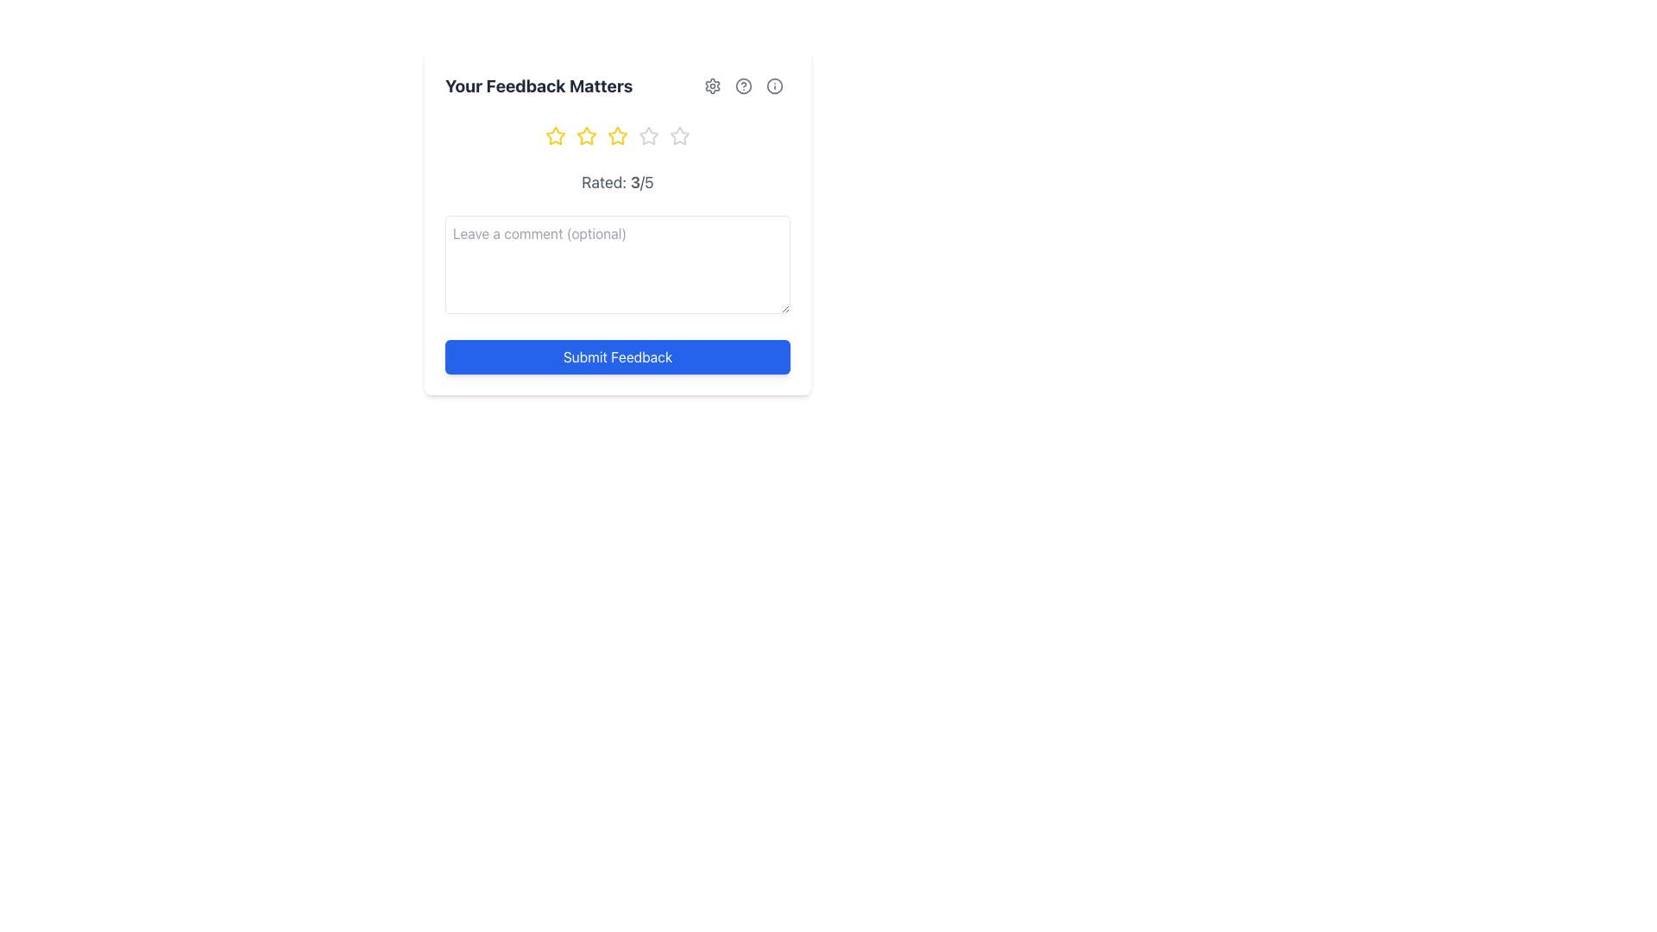 This screenshot has height=932, width=1657. What do you see at coordinates (555, 135) in the screenshot?
I see `the second Interactive Rating Star in the feedback card layout to set the rating` at bounding box center [555, 135].